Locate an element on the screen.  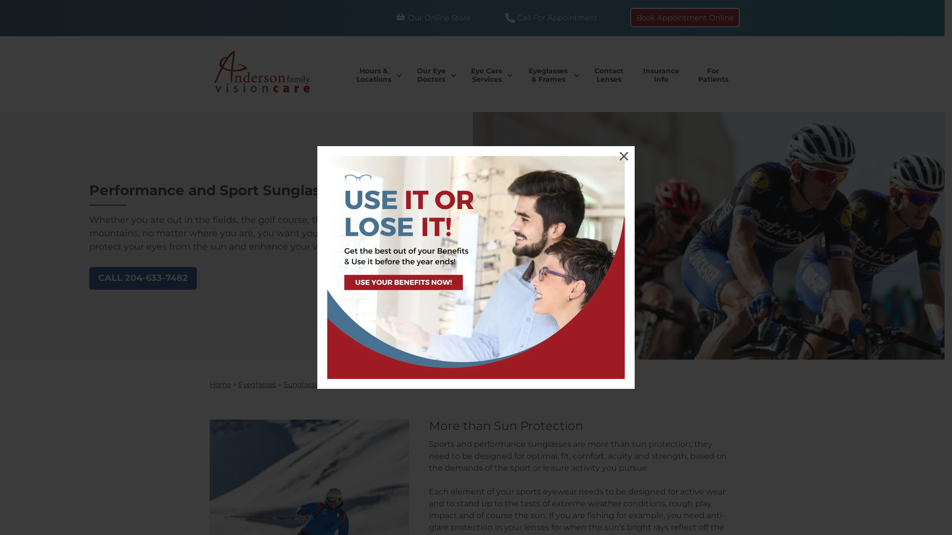
'Sunglasses' is located at coordinates (302, 383).